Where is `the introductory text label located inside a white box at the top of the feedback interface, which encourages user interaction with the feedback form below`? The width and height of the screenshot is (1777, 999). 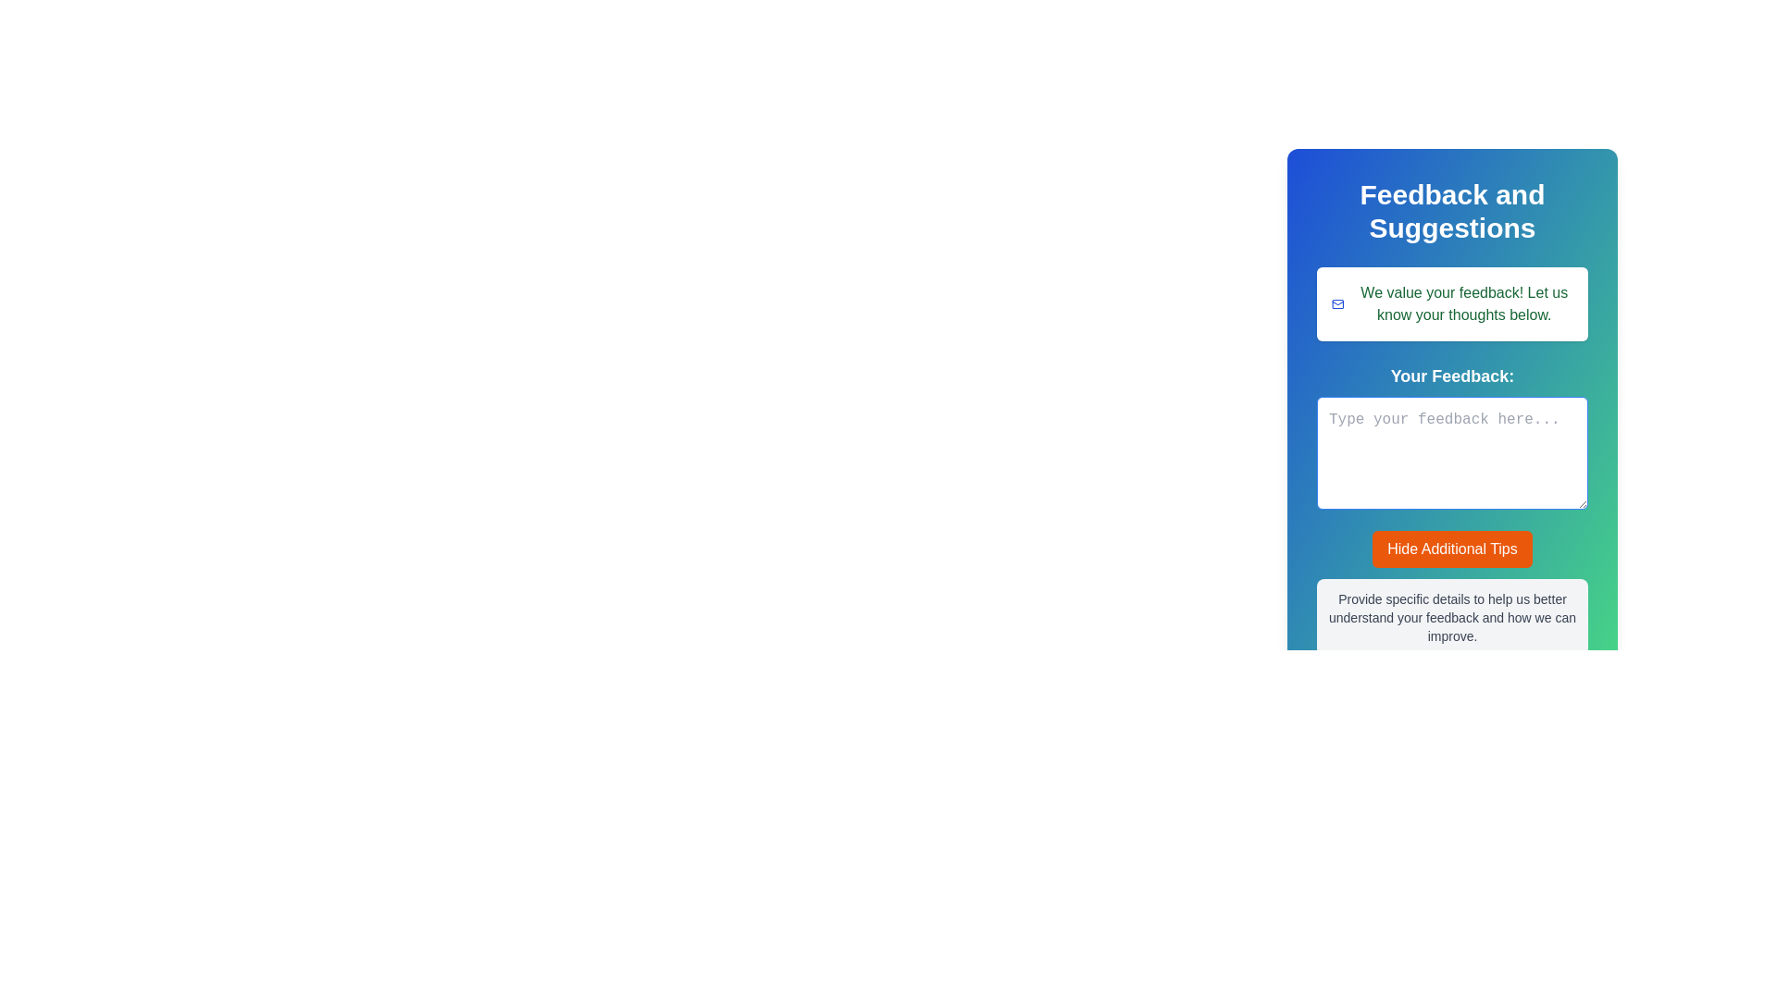
the introductory text label located inside a white box at the top of the feedback interface, which encourages user interaction with the feedback form below is located at coordinates (1463, 302).